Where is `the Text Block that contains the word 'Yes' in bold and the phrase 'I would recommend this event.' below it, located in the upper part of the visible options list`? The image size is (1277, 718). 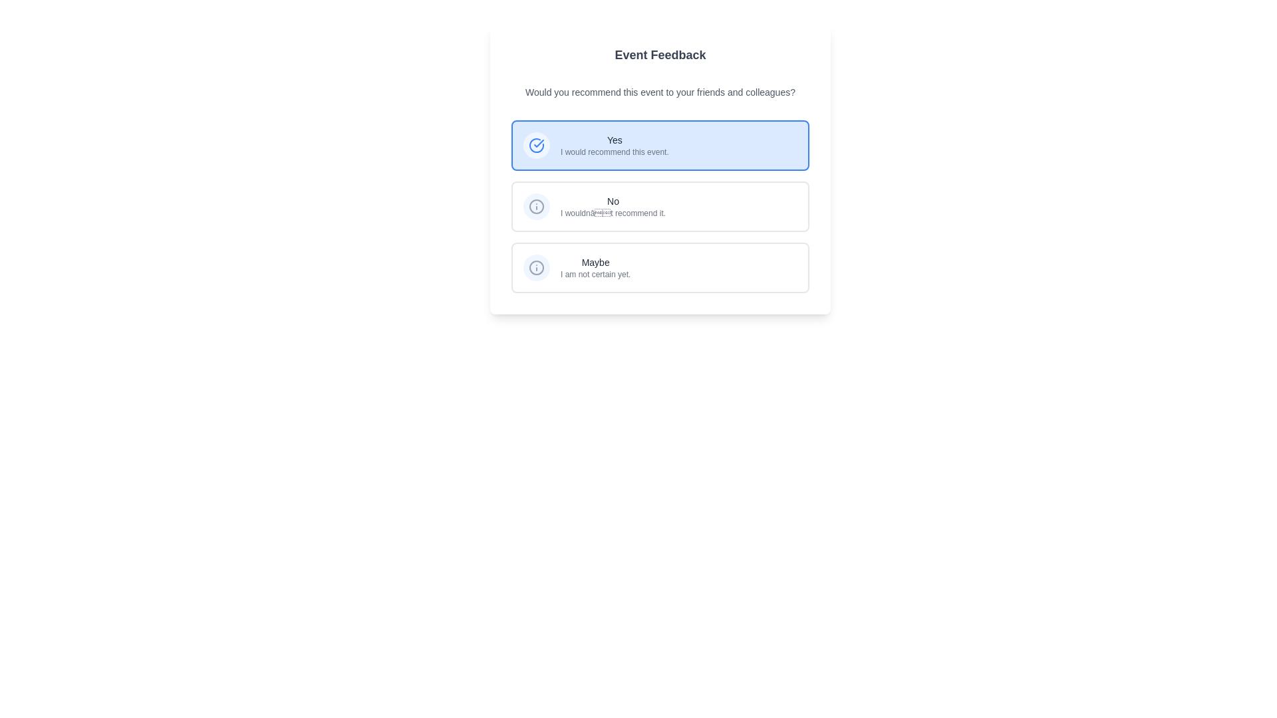
the Text Block that contains the word 'Yes' in bold and the phrase 'I would recommend this event.' below it, located in the upper part of the visible options list is located at coordinates (614, 146).